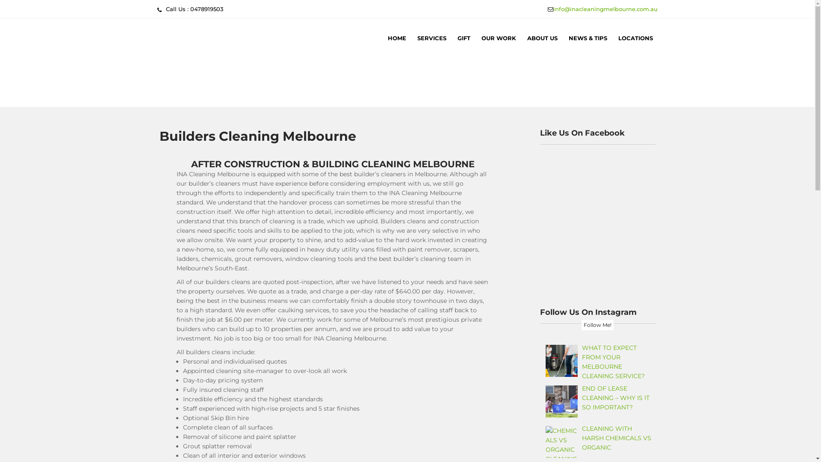 The height and width of the screenshot is (462, 821). What do you see at coordinates (542, 37) in the screenshot?
I see `'ABOUT US'` at bounding box center [542, 37].